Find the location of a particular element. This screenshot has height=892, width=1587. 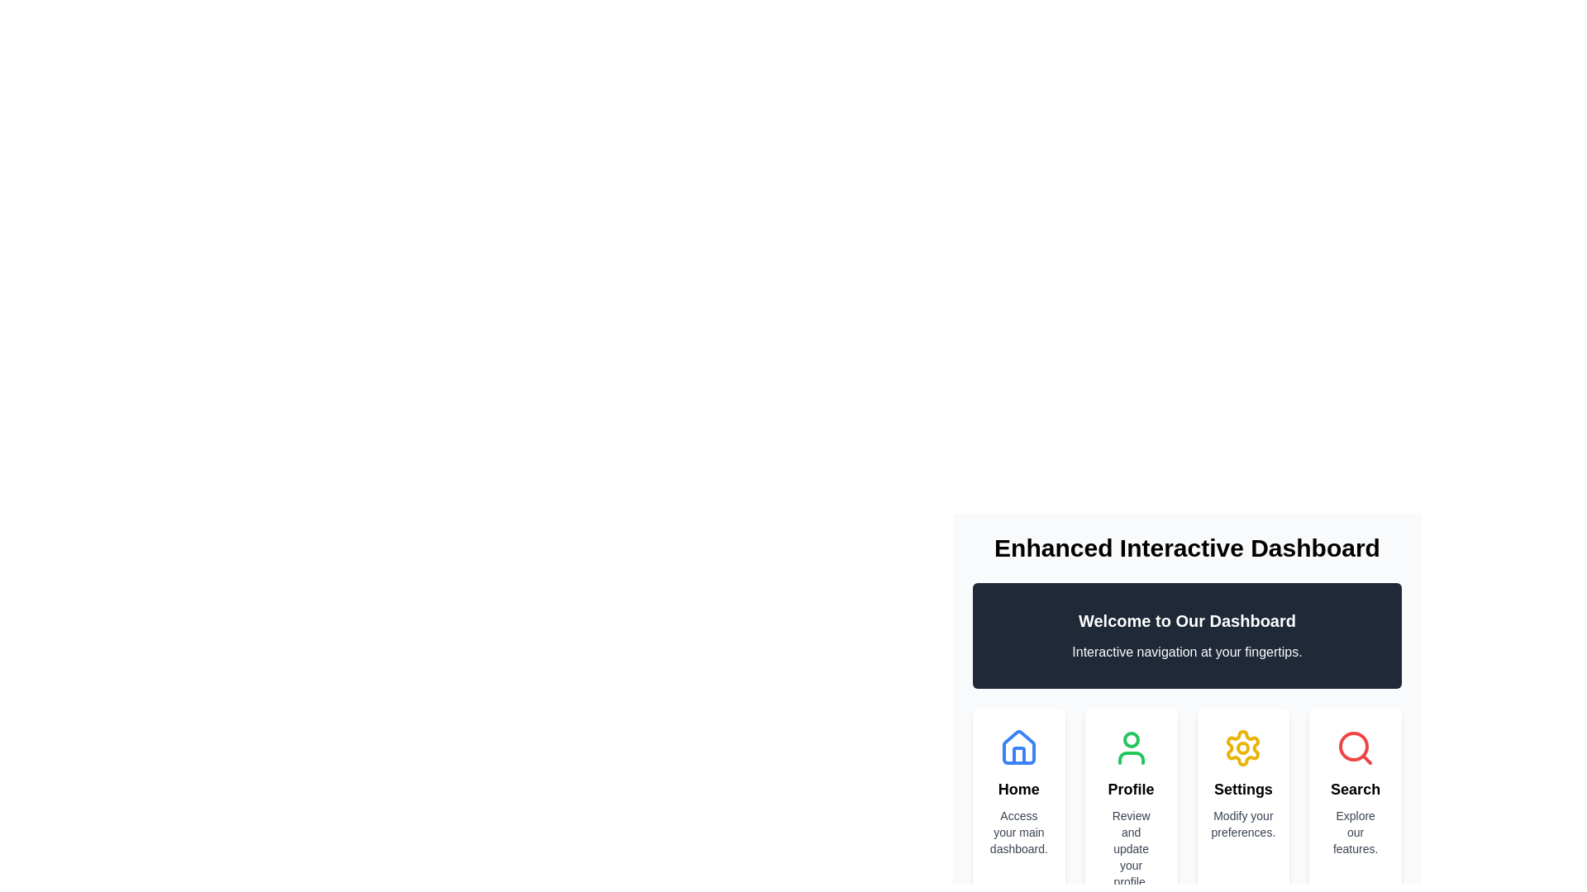

text block that says 'Review and update your profile.' which is styled in a smaller gray font and located below the 'Profile' heading in the Profile card is located at coordinates (1130, 849).